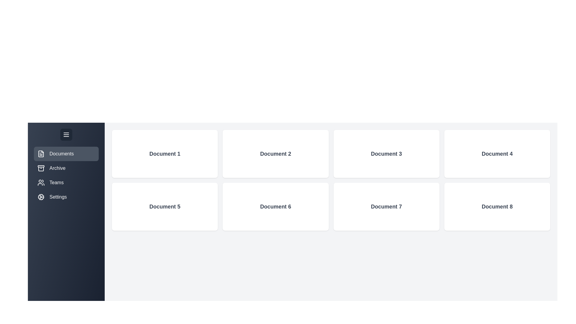 The height and width of the screenshot is (324, 576). I want to click on the 'Document 3' card to view its details, so click(386, 154).